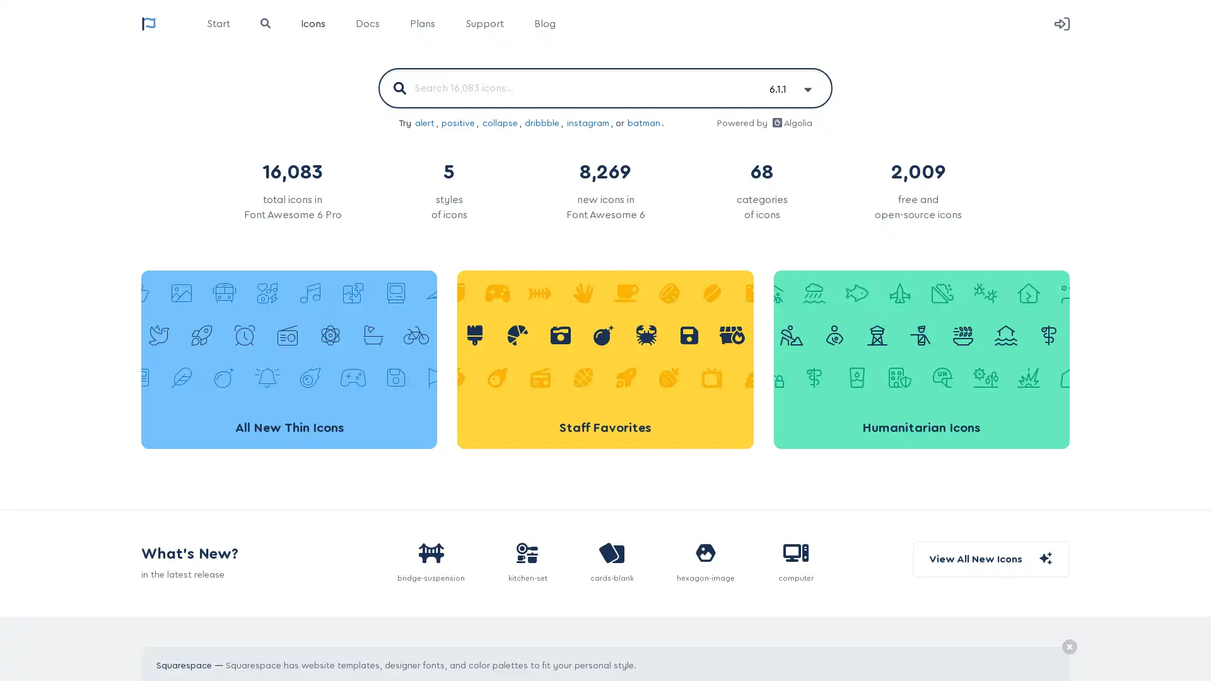  What do you see at coordinates (457, 124) in the screenshot?
I see `positive` at bounding box center [457, 124].